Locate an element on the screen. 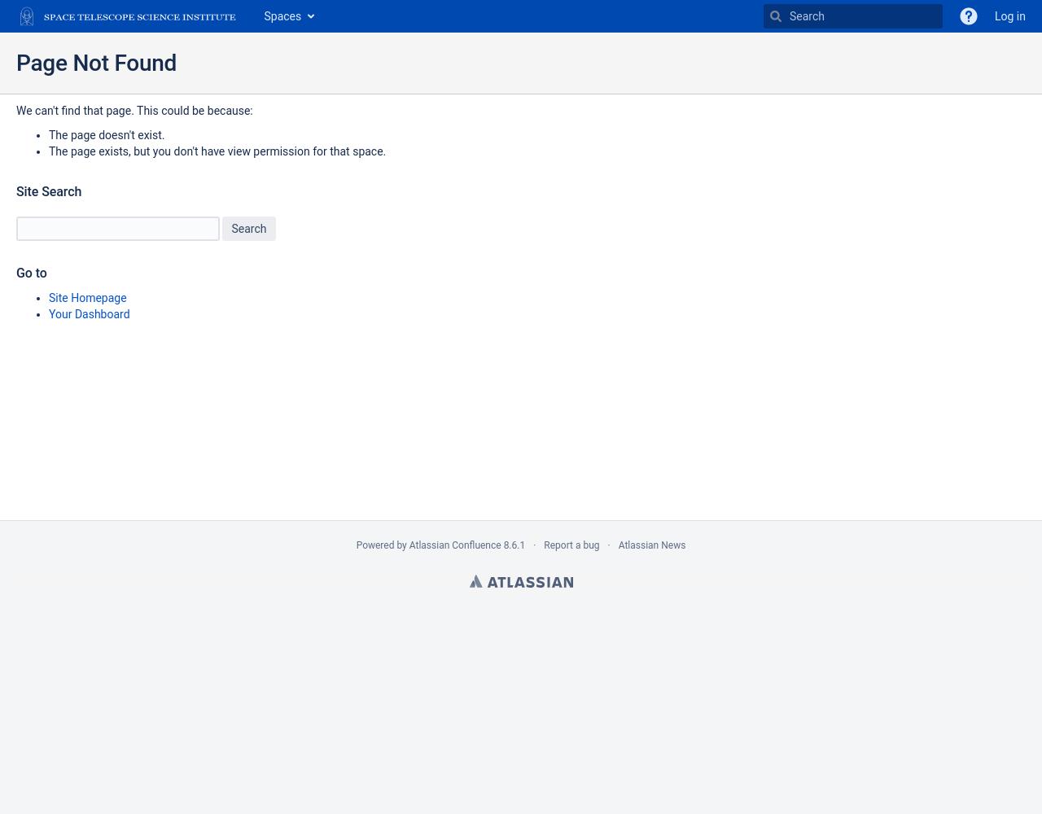 The image size is (1042, 814). 'Site Homepage' is located at coordinates (86, 297).